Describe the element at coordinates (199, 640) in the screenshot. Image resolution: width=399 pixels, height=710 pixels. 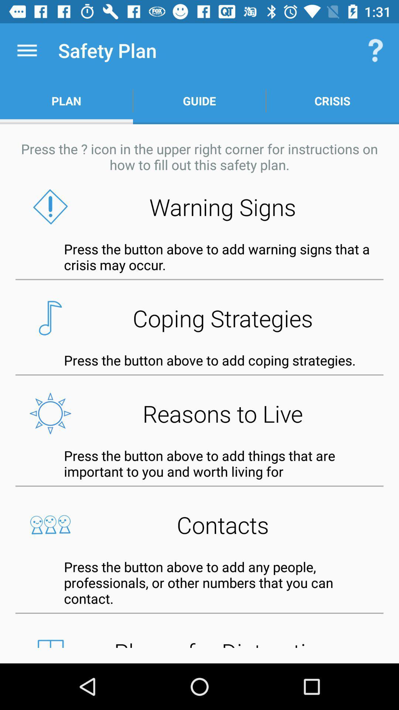
I see `places for distraction item` at that location.